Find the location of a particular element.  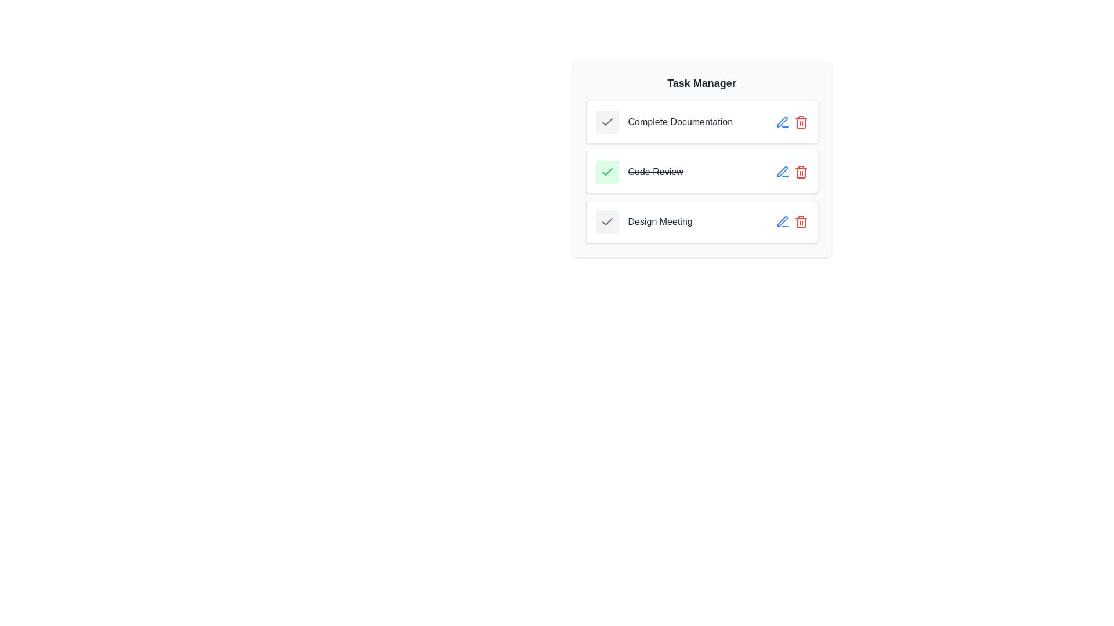

the label with the text 'Complete Documentation' and a checkmark icon, representing a completed task item is located at coordinates (664, 122).